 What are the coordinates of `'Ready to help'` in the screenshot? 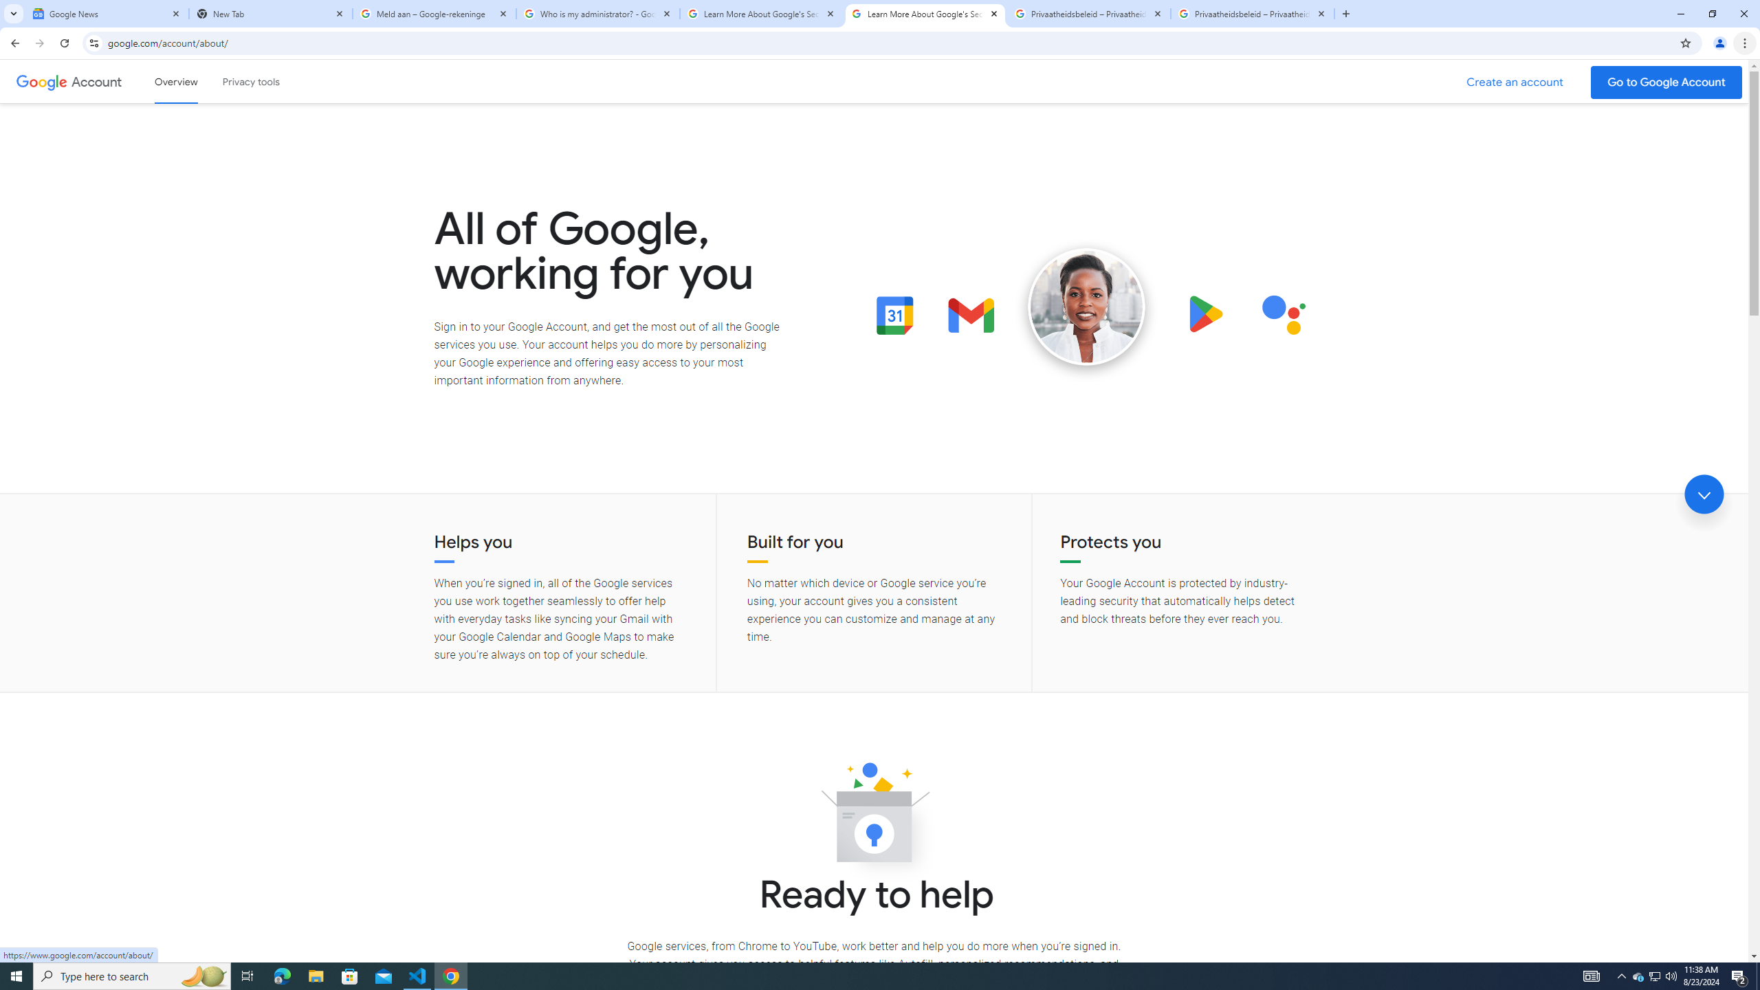 It's located at (874, 816).